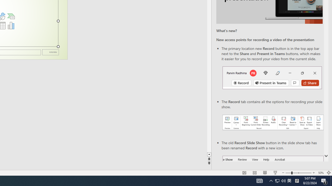 This screenshot has height=186, width=332. I want to click on 'Record button in top bar', so click(272, 78).